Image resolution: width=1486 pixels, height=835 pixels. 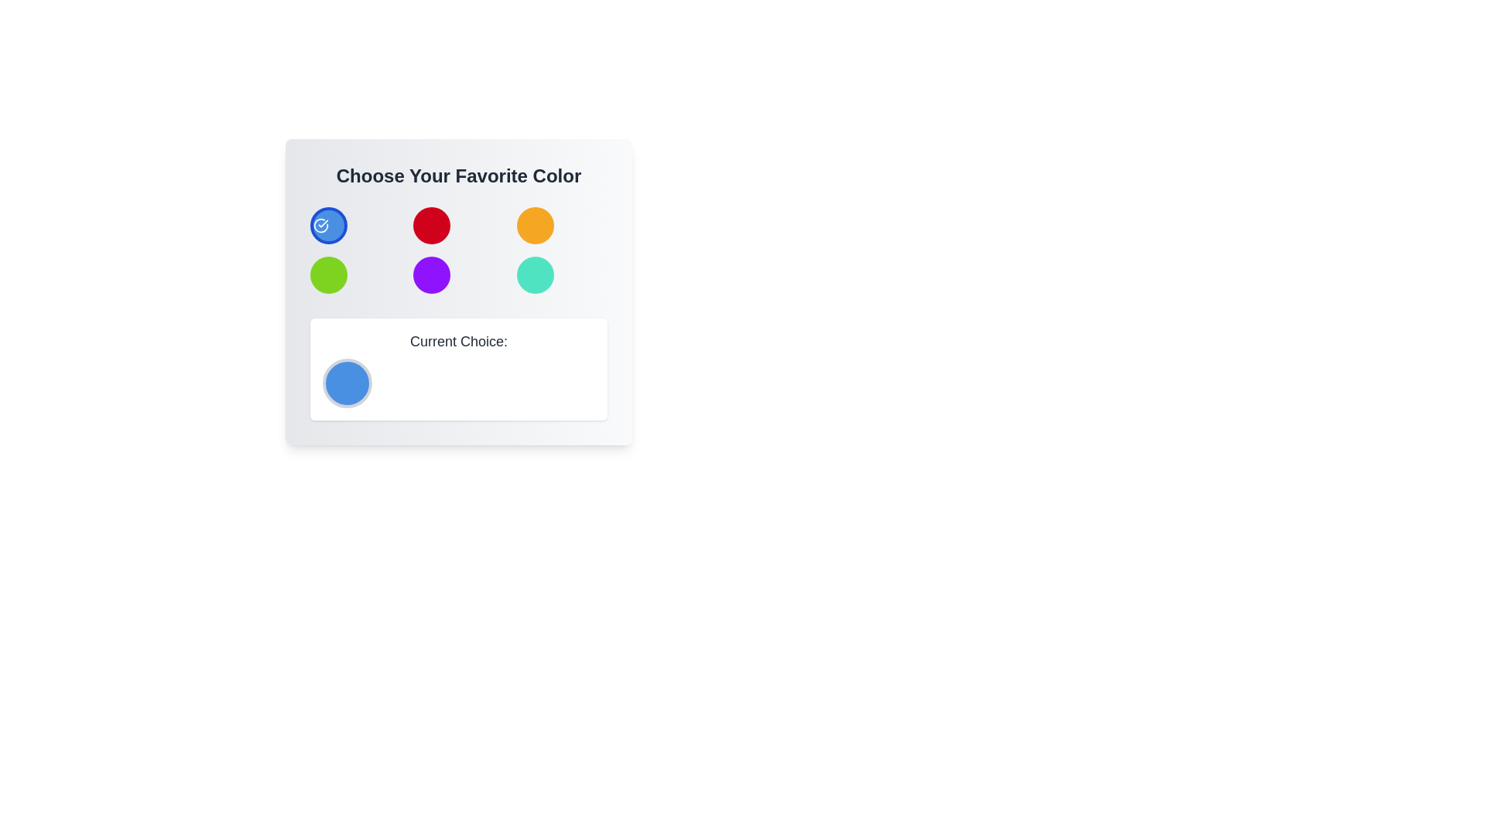 What do you see at coordinates (432, 274) in the screenshot?
I see `the vibrant purple circular button located in the 'Choose Your Favorite Color' section, which is the second item in the second row of a 3x3 grid layout, to trigger the enlargement effect` at bounding box center [432, 274].